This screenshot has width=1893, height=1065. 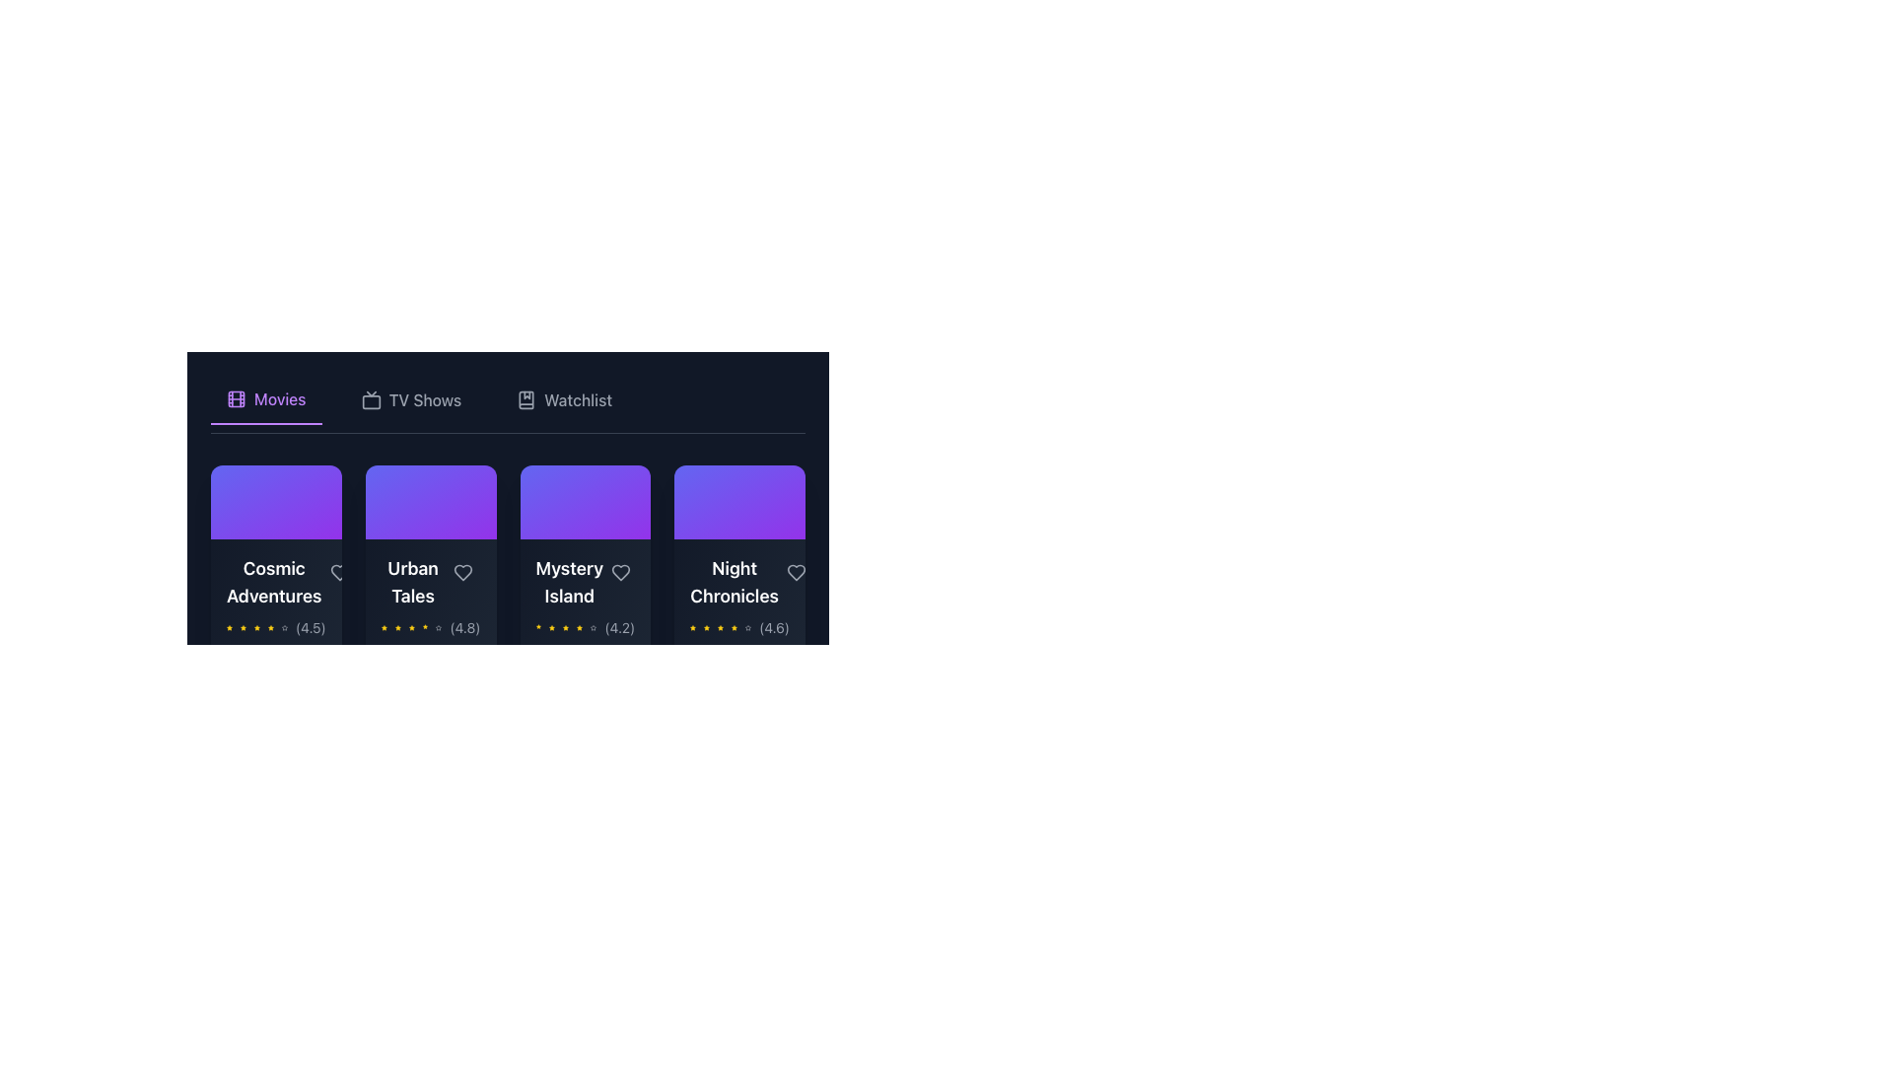 What do you see at coordinates (738, 501) in the screenshot?
I see `the Decorative background area of the 'Night Chronicles' card, which is a rectangular gradient area transitioning from indigo to purple, located at the upper section and rightmost among the horizontal list of cards` at bounding box center [738, 501].